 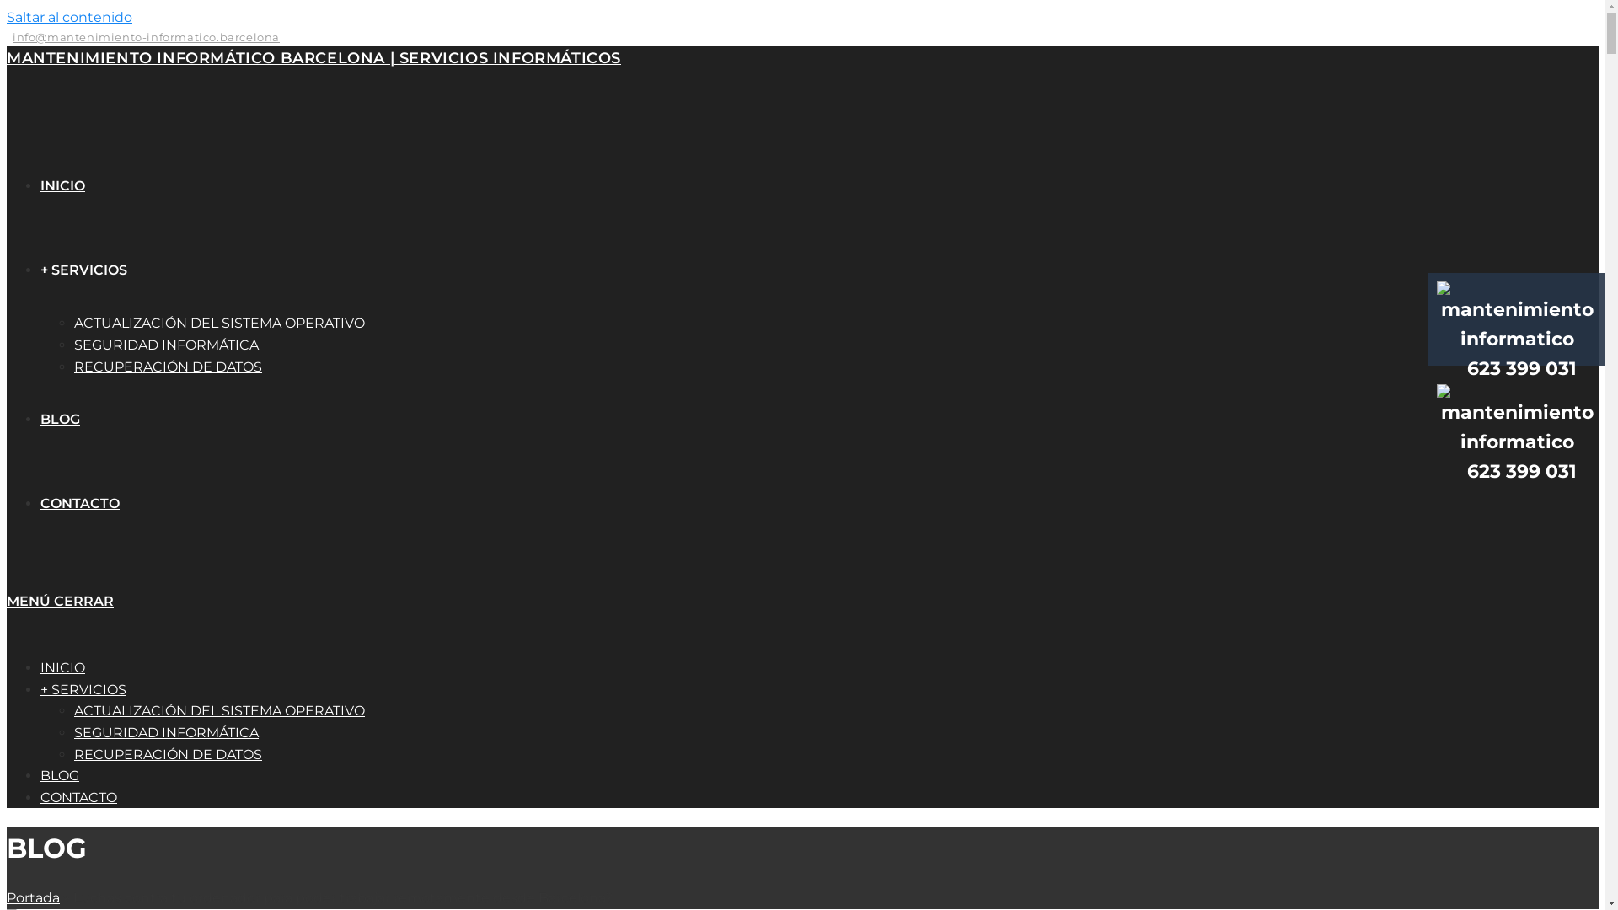 I want to click on 'INICIO', so click(x=62, y=185).